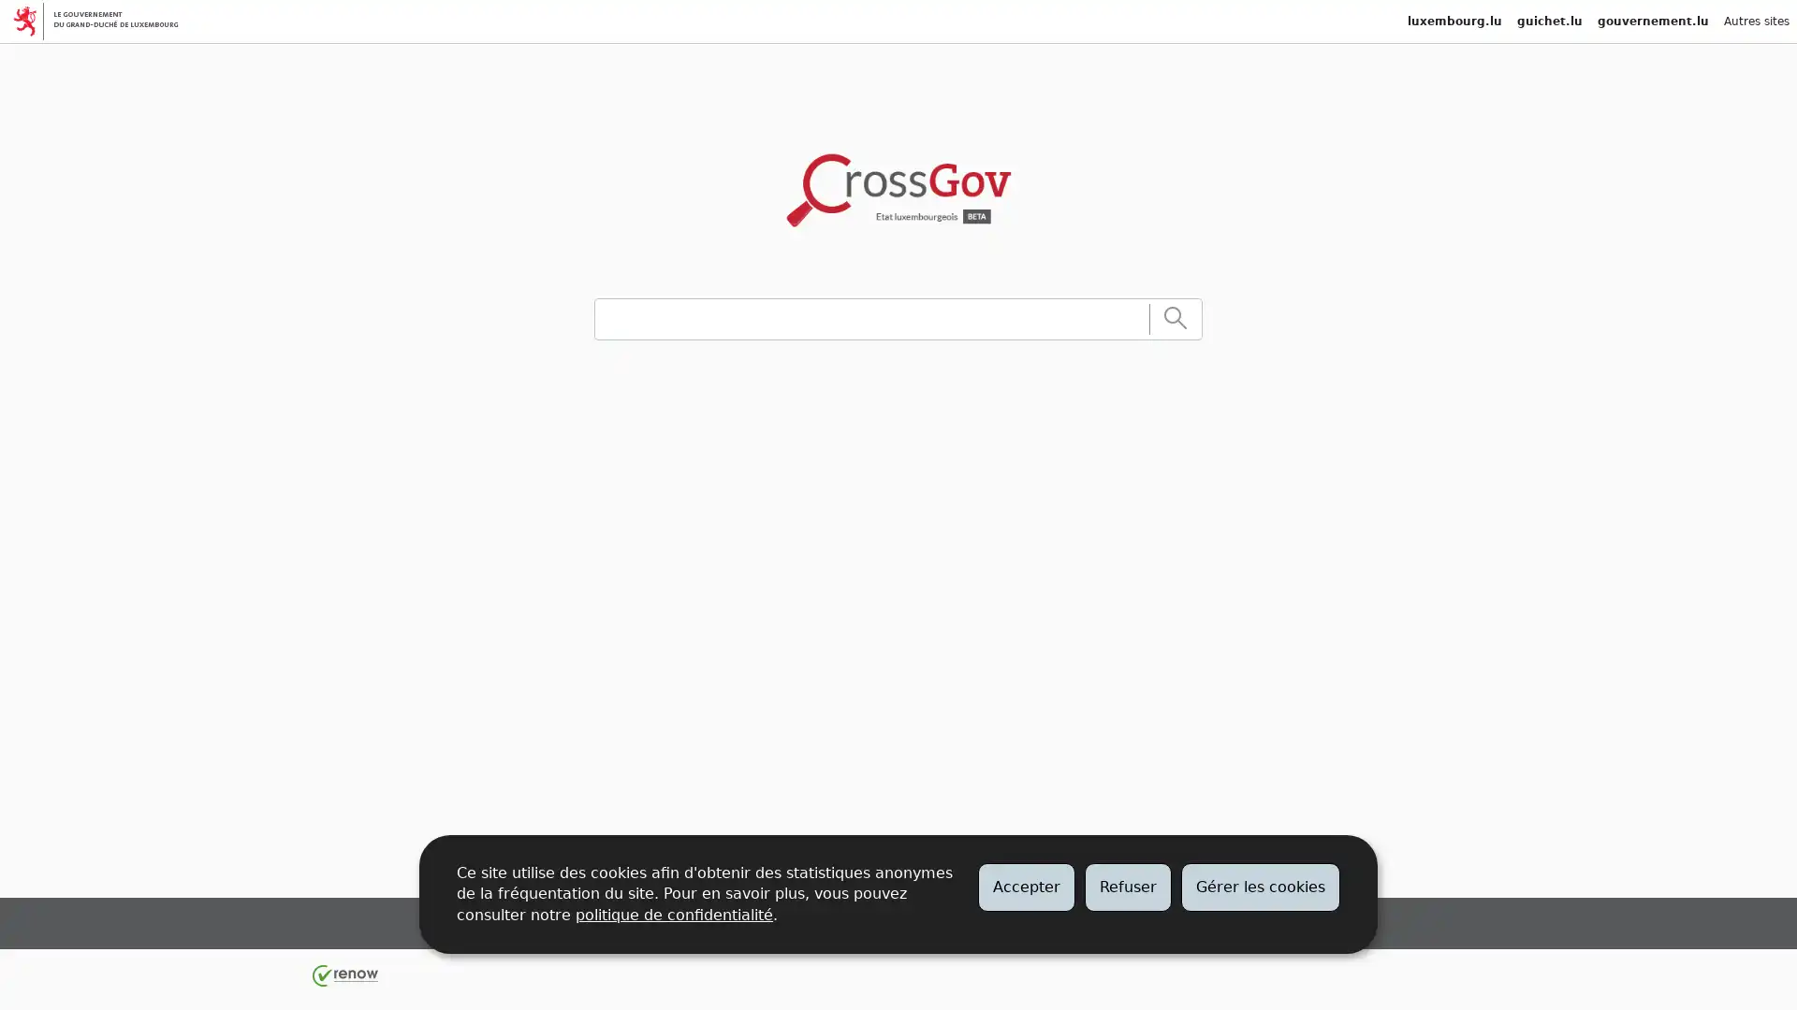  Describe the element at coordinates (1127, 886) in the screenshot. I see `Refuser` at that location.